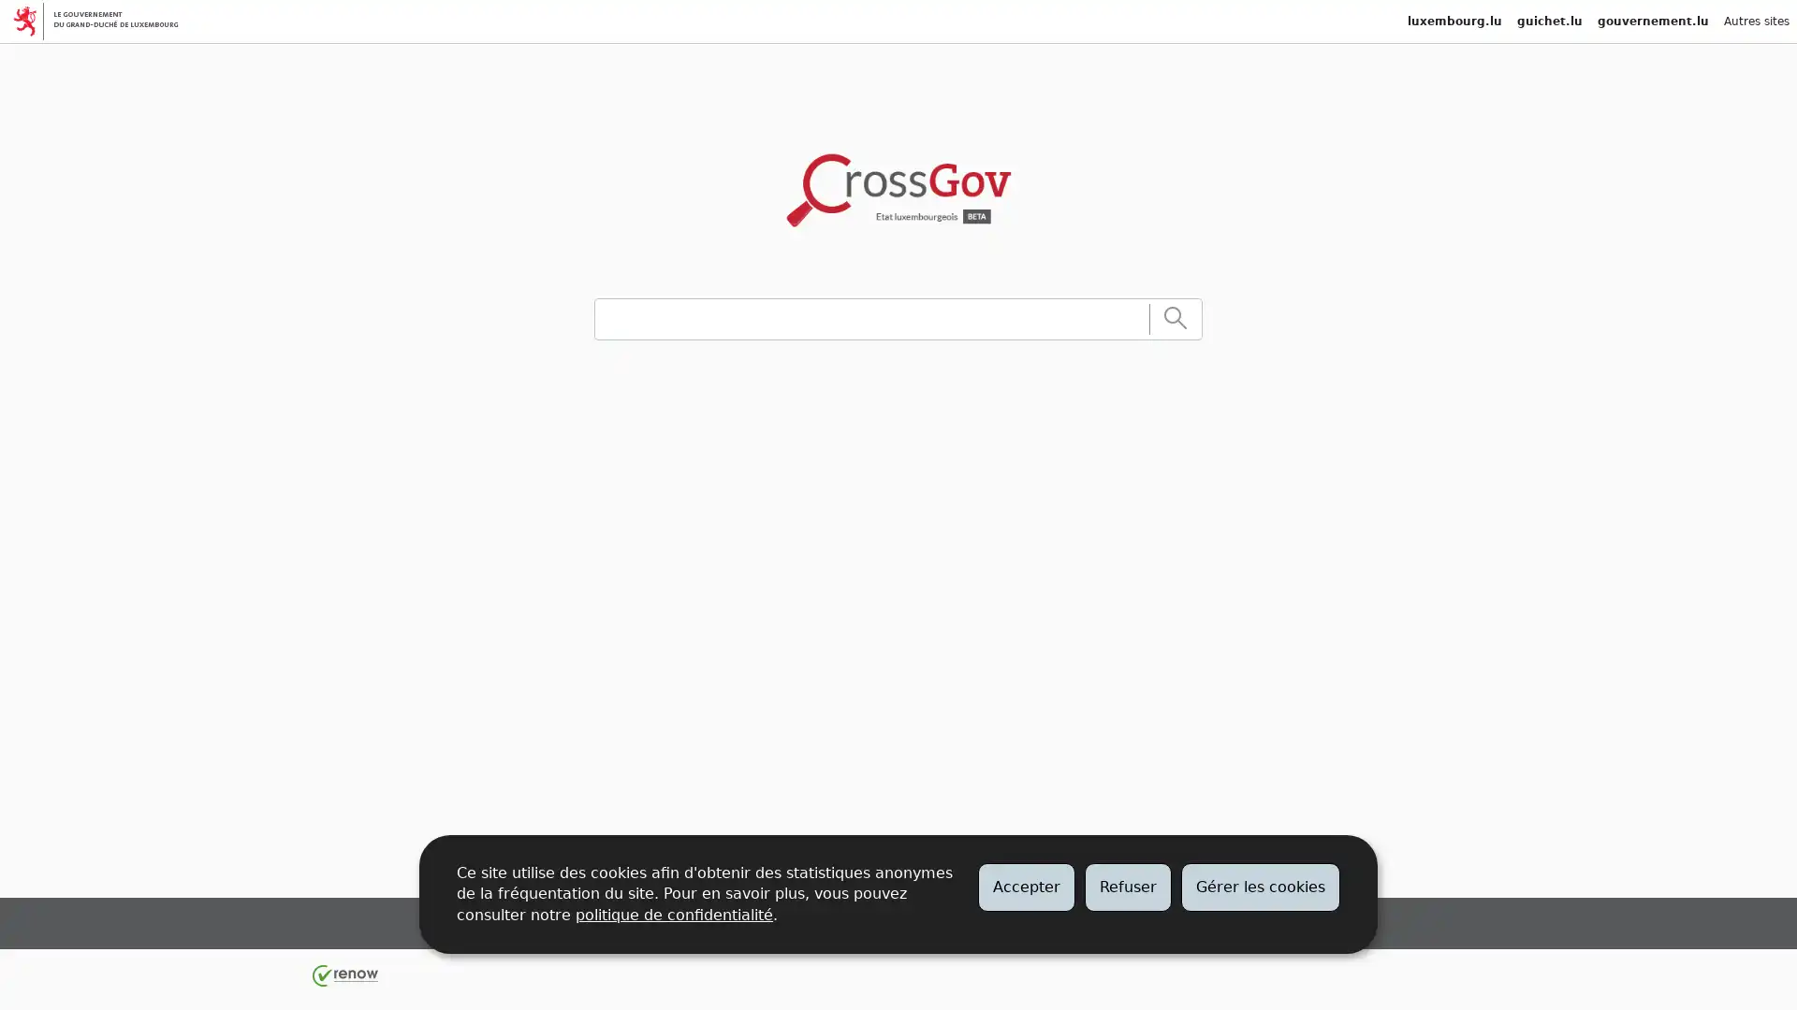  Describe the element at coordinates (1127, 886) in the screenshot. I see `Refuser` at that location.